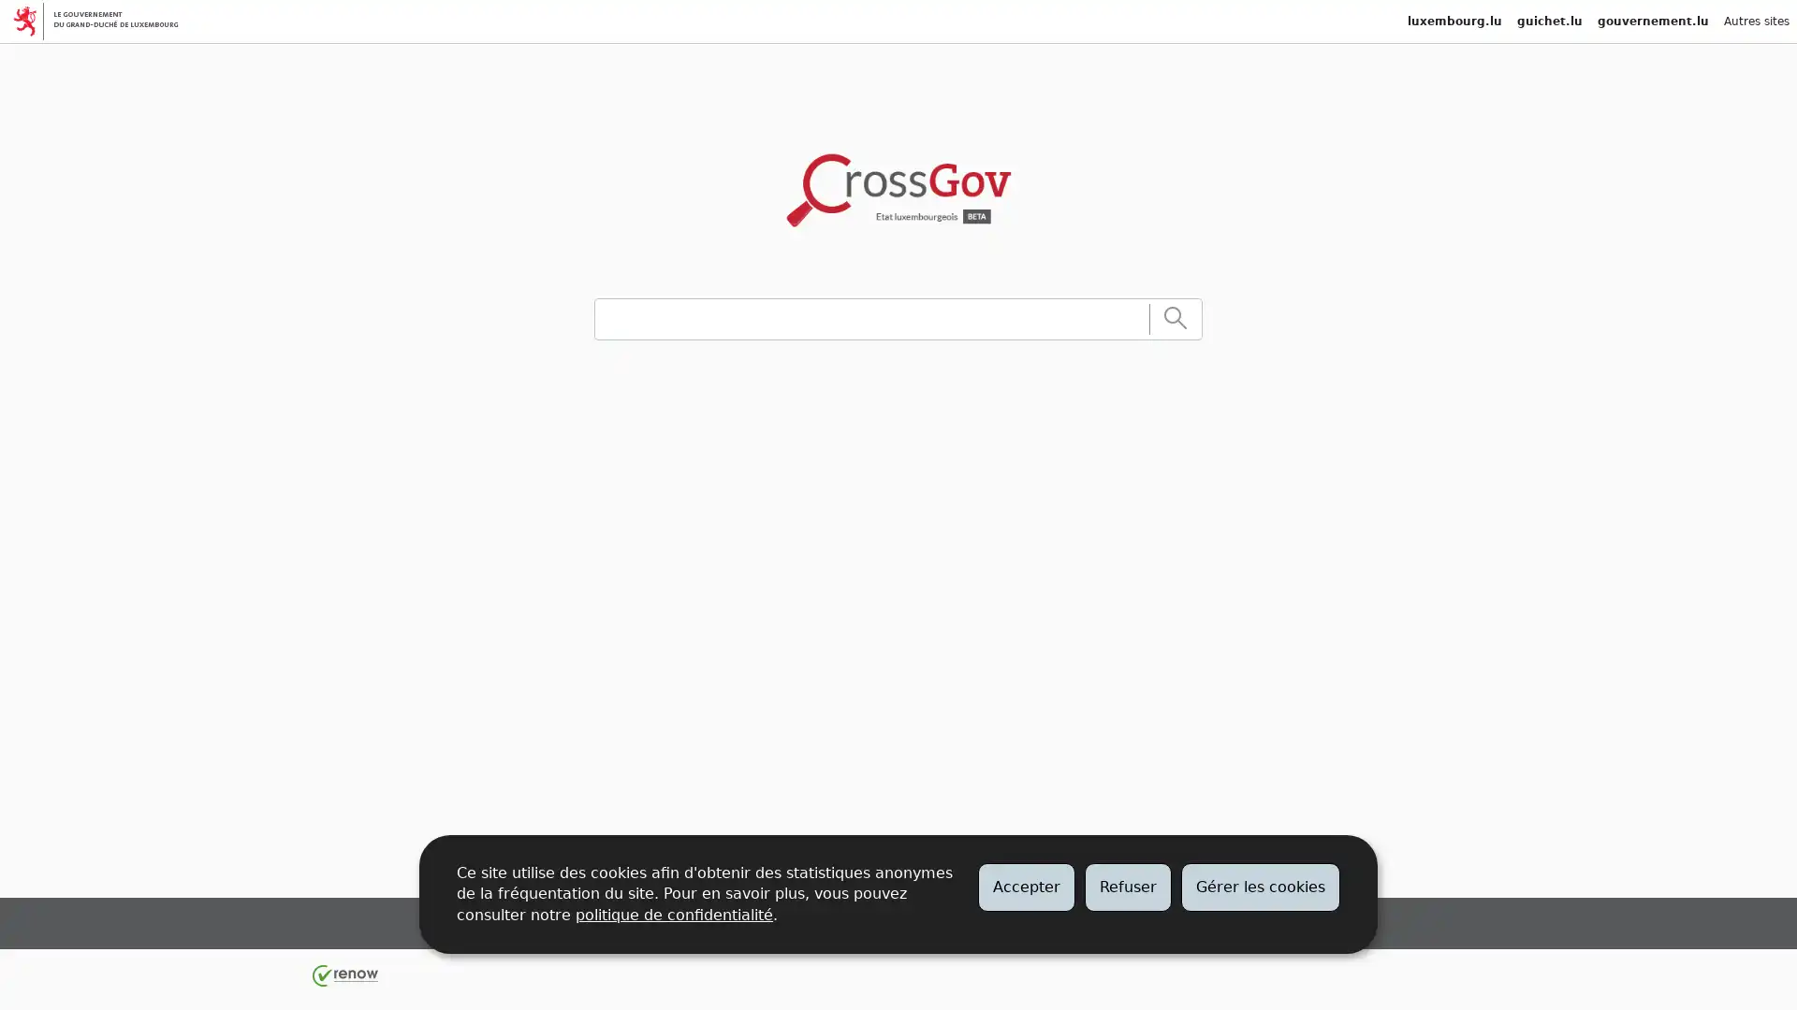  Describe the element at coordinates (1127, 886) in the screenshot. I see `Refuser` at that location.